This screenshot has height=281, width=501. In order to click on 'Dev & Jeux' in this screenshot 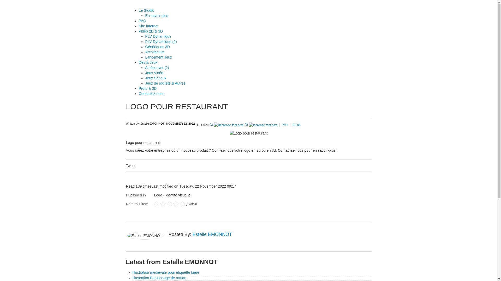, I will do `click(148, 62)`.